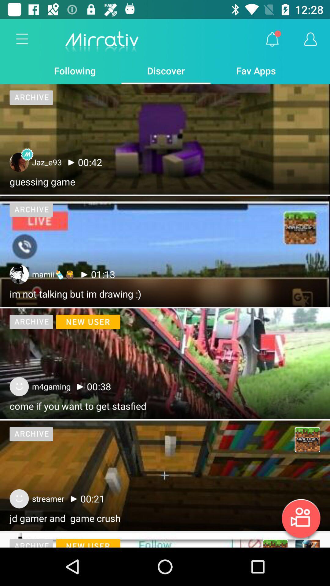  I want to click on the item above the fav apps app, so click(272, 39).